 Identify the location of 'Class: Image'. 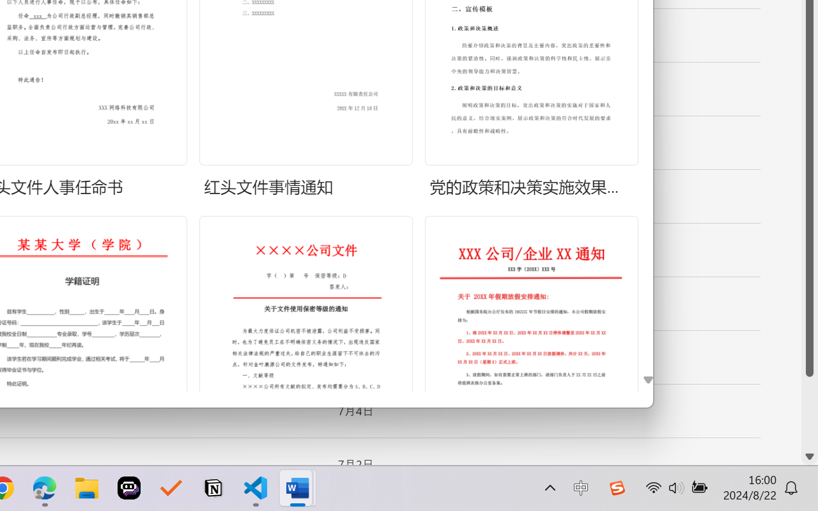
(617, 488).